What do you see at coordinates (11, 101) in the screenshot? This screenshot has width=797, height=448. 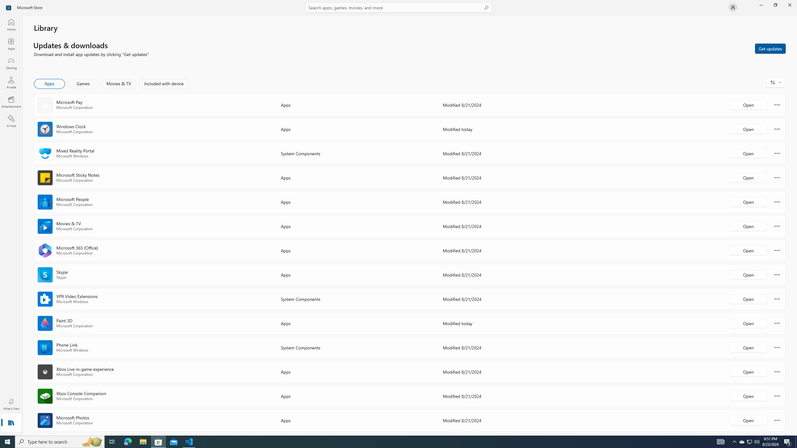 I see `'Entertainment'` at bounding box center [11, 101].